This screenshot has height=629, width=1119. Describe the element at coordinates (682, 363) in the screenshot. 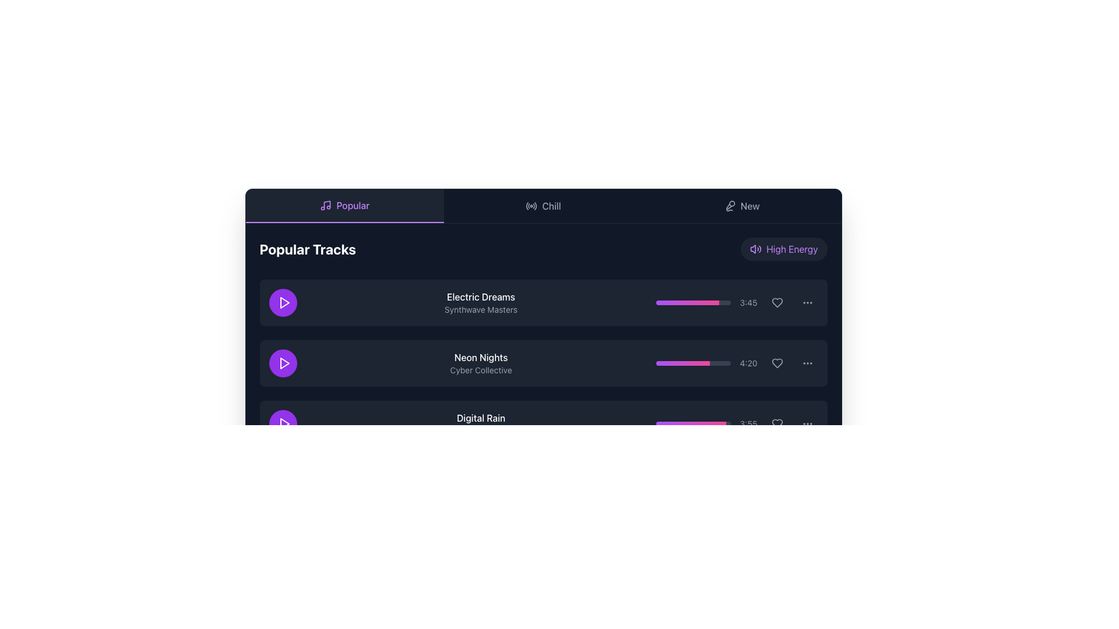

I see `filled portion of the progress bar for the track 'Neon Nights', which is a colored gradient progress bar transitioning from purple to pink, located in the second progress bar under the 'Popular Tracks' section` at that location.